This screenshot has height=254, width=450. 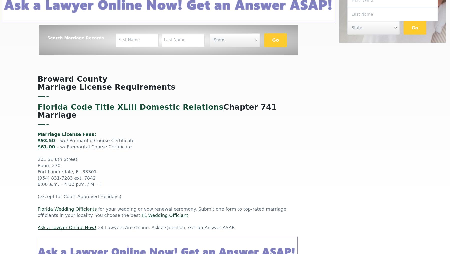 What do you see at coordinates (95, 141) in the screenshot?
I see `'– wo/ Premarital Course Certificate'` at bounding box center [95, 141].